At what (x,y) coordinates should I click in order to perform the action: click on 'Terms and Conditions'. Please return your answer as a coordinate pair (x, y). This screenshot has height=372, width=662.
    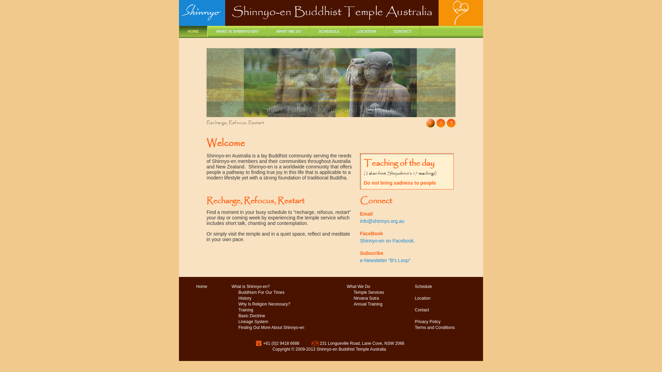
    Looking at the image, I should click on (408, 327).